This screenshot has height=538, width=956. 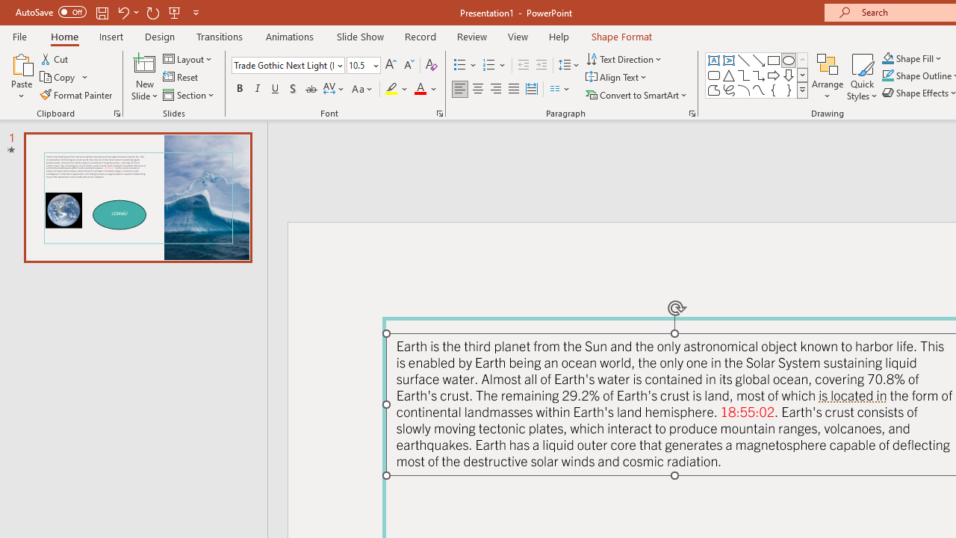 What do you see at coordinates (19, 35) in the screenshot?
I see `'File Tab'` at bounding box center [19, 35].